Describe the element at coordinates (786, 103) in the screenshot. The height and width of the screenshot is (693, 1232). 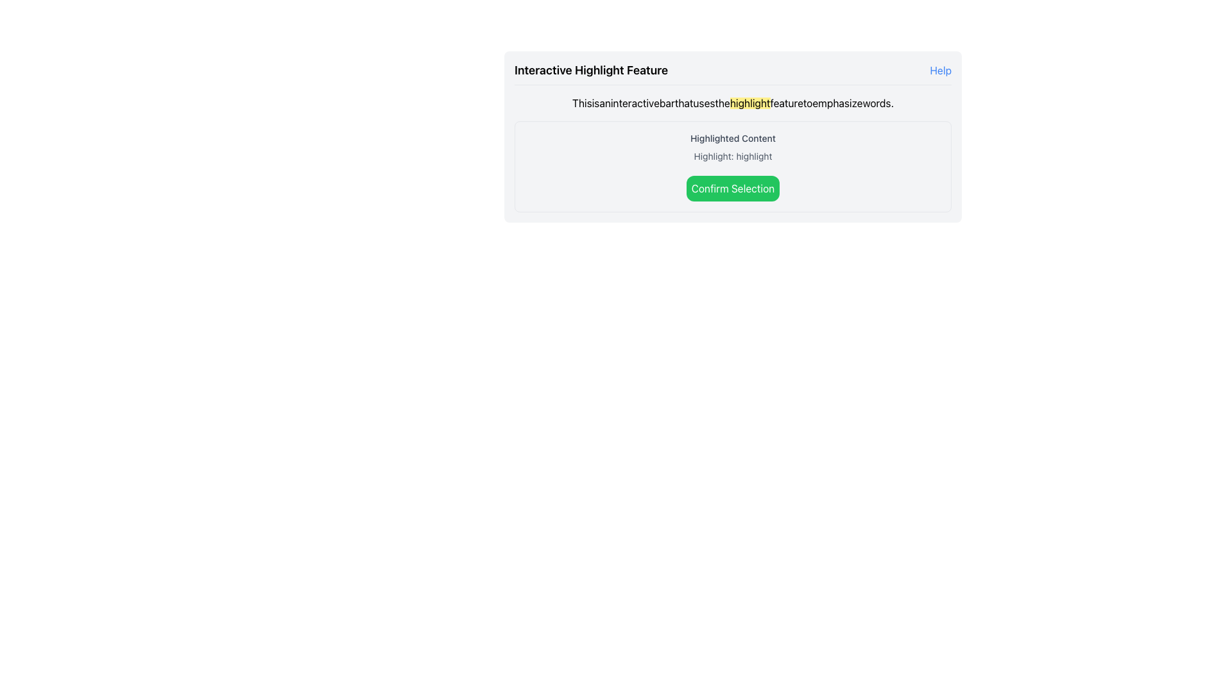
I see `the text element displaying 'feature', which is the 10th word in the sentence, located adjacent to the highlighted word 'highlight' with a yellow background` at that location.